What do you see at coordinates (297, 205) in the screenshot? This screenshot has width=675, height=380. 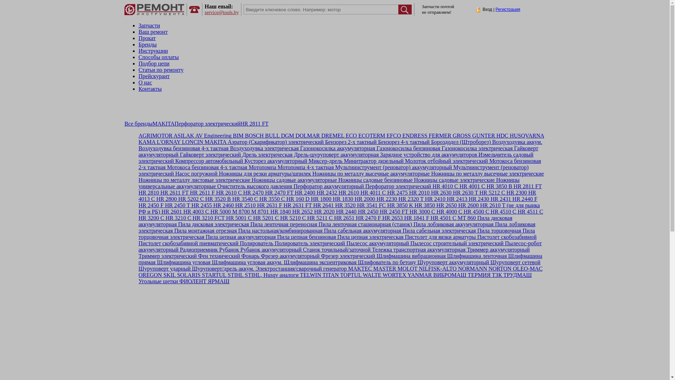 I see `'HR 2631 FT'` at bounding box center [297, 205].